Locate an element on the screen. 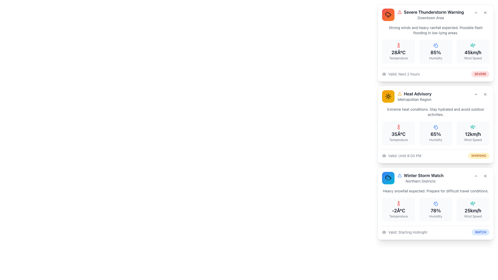 This screenshot has height=280, width=498. the Close Icon resembling a letter 'X' located at the top right corner of the 'Winter Storm Watch' weather alert card is located at coordinates (485, 176).